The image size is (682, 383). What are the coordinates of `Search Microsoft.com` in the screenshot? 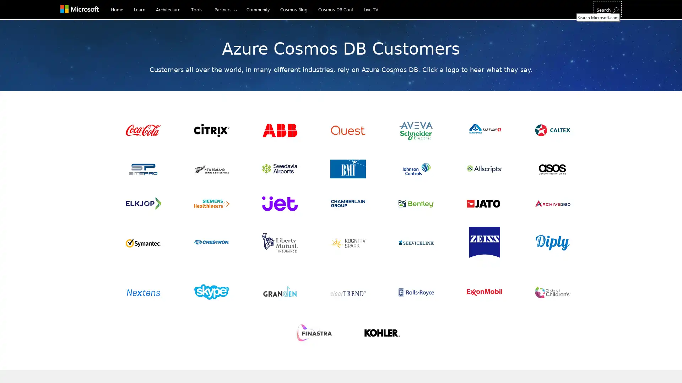 It's located at (607, 9).